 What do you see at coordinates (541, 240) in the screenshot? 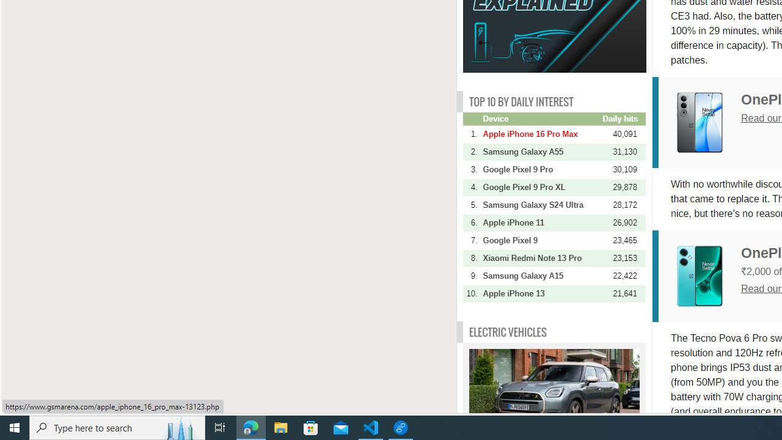
I see `'Google Pixel 9'` at bounding box center [541, 240].